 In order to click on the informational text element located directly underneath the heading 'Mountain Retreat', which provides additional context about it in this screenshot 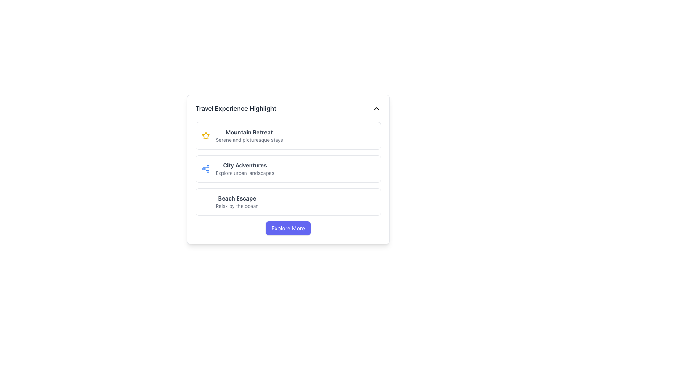, I will do `click(249, 140)`.